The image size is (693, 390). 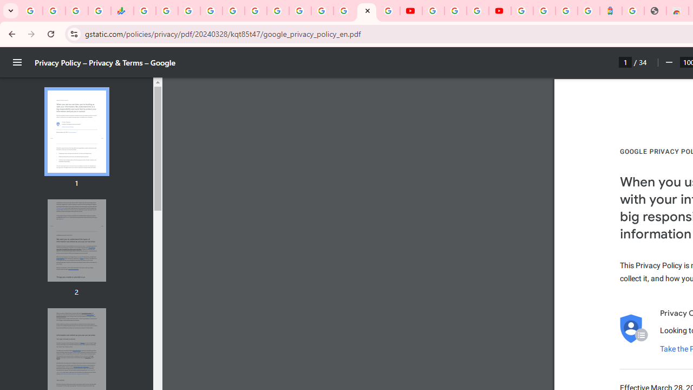 What do you see at coordinates (625, 62) in the screenshot?
I see `'Page number'` at bounding box center [625, 62].